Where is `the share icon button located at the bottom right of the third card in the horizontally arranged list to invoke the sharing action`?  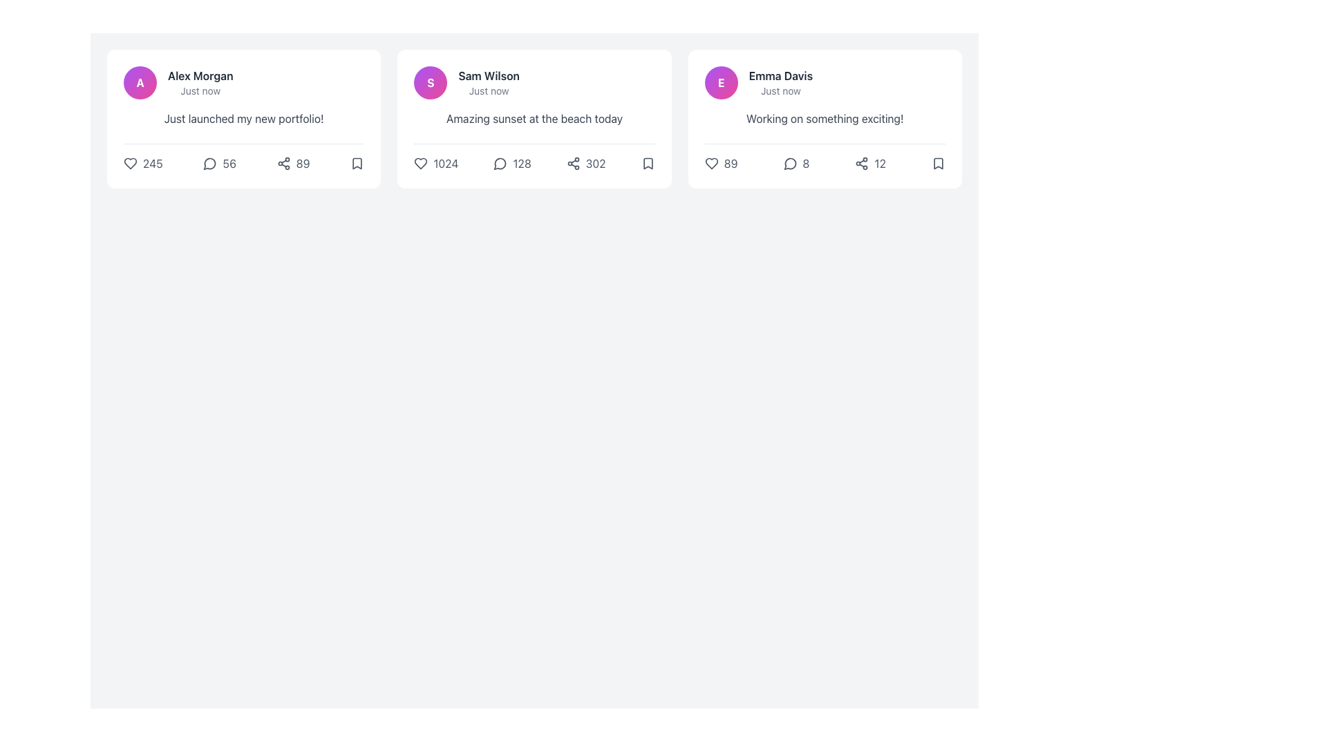
the share icon button located at the bottom right of the third card in the horizontally arranged list to invoke the sharing action is located at coordinates (861, 162).